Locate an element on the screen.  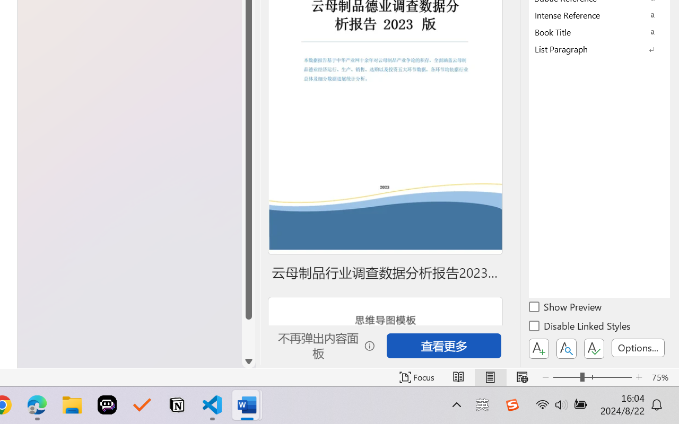
'Options...' is located at coordinates (638, 347).